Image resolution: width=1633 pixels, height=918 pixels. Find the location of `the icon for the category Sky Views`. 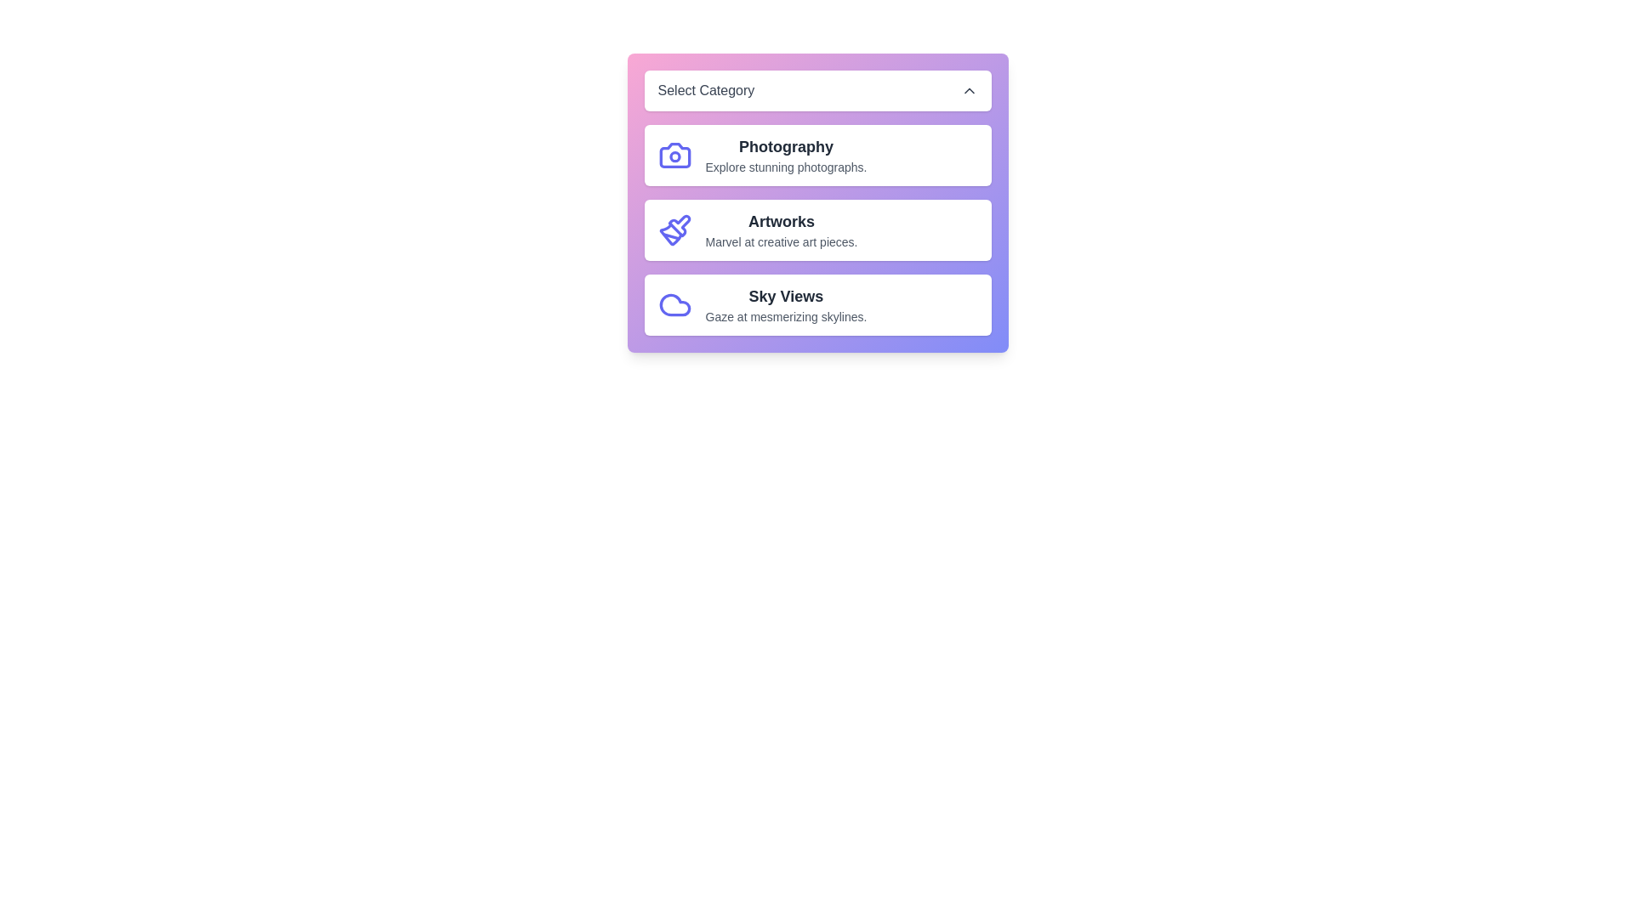

the icon for the category Sky Views is located at coordinates (674, 303).